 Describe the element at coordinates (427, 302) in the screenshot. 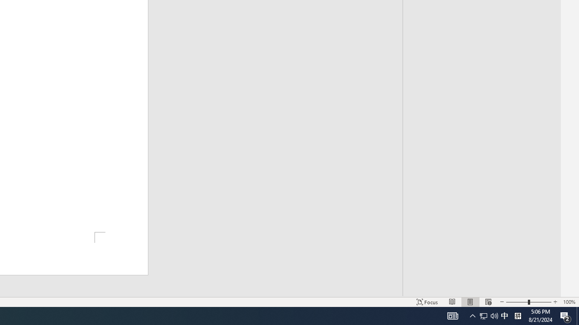

I see `'Focus '` at that location.